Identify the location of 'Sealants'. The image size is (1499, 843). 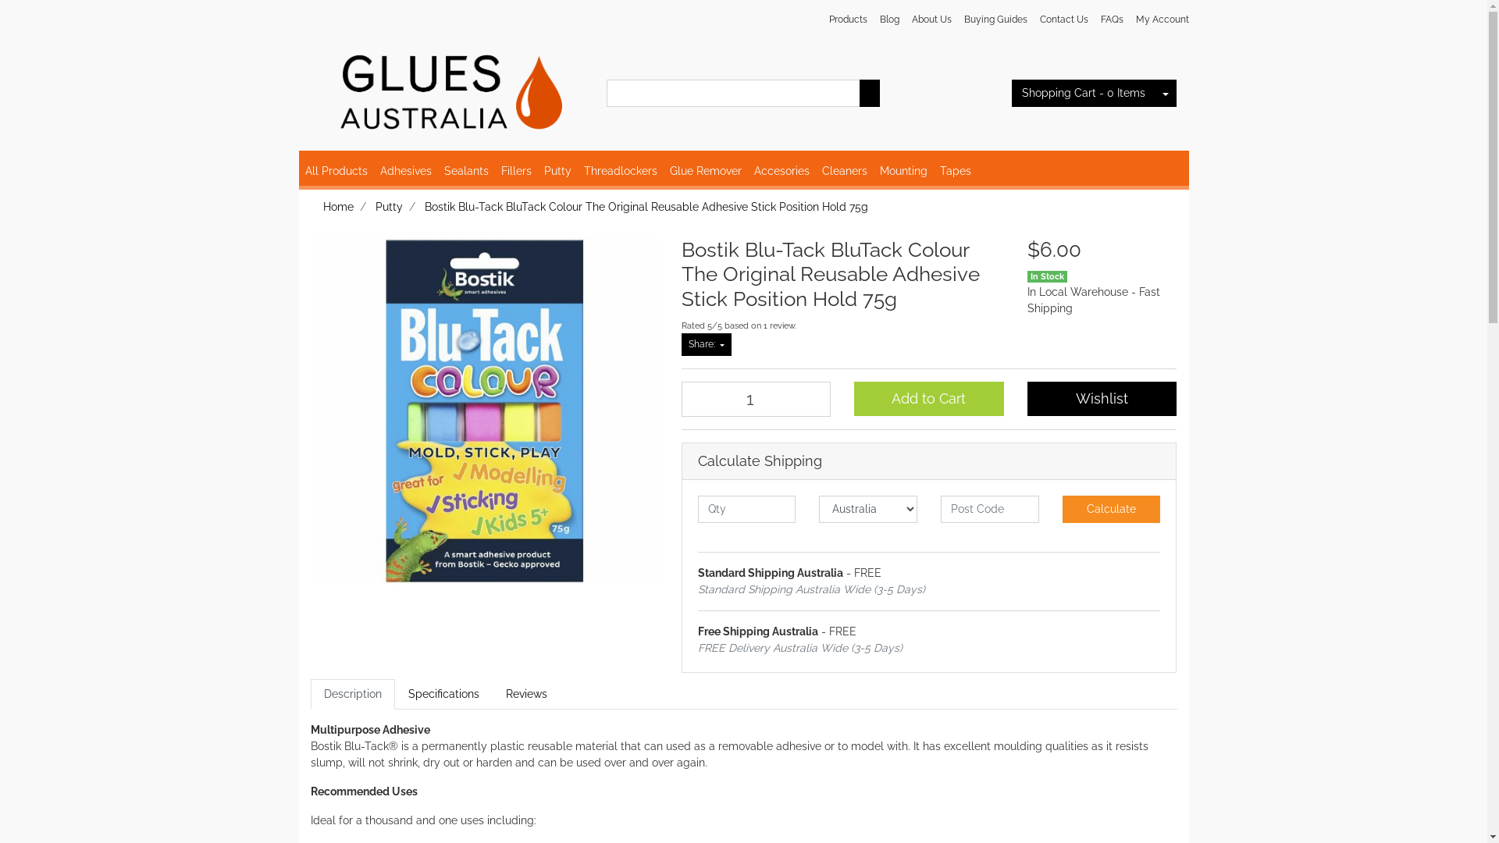
(465, 171).